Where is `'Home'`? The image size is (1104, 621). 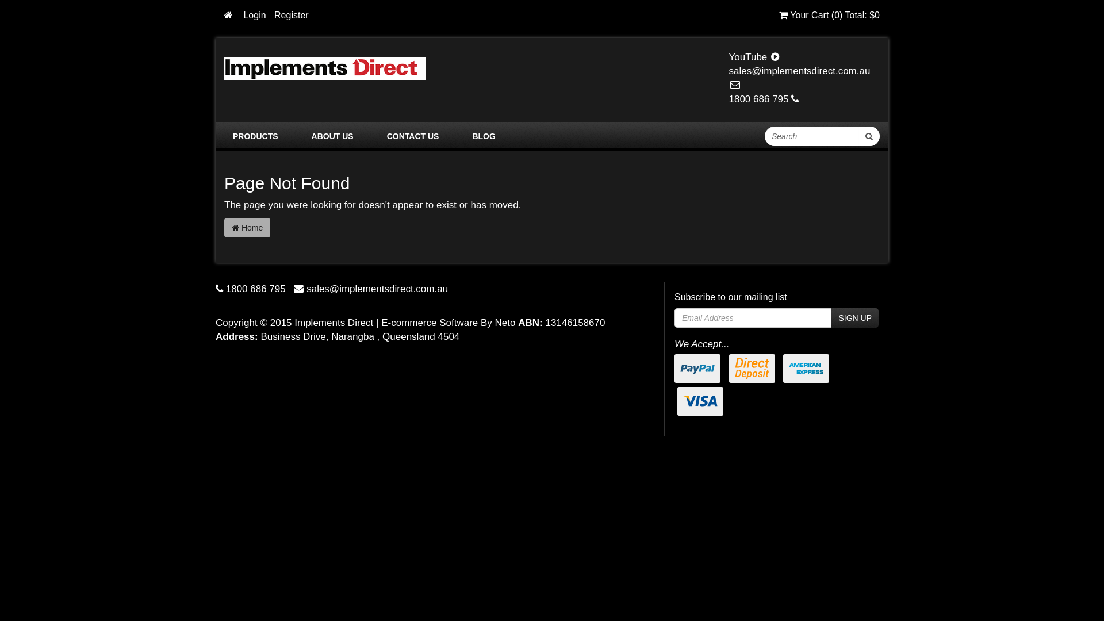
'Home' is located at coordinates (247, 228).